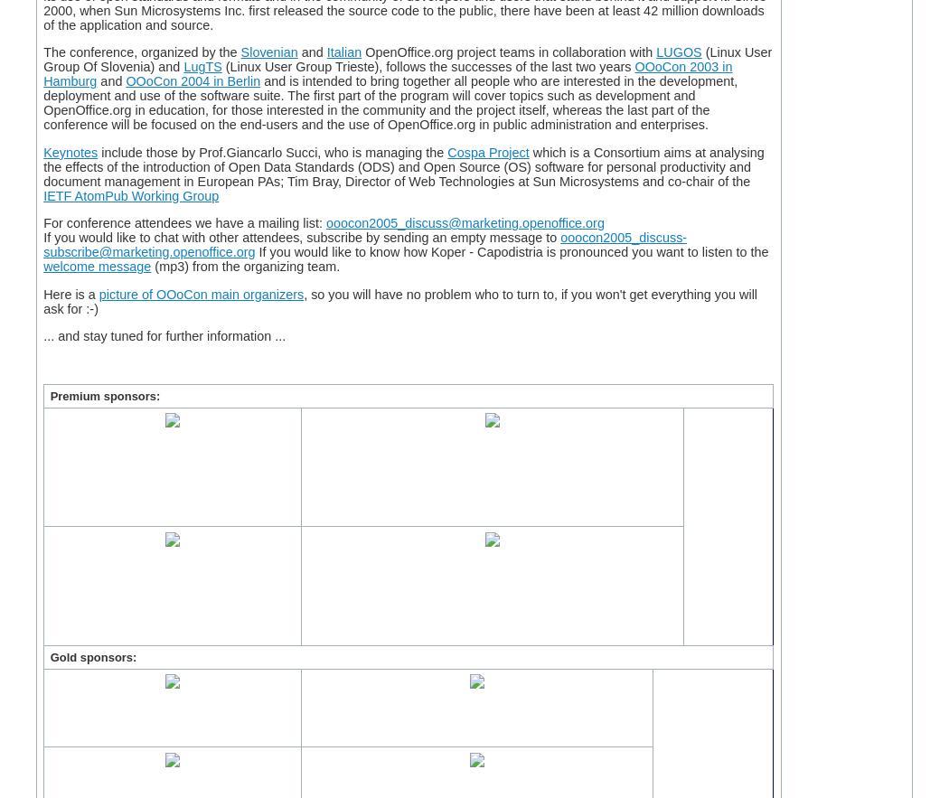  What do you see at coordinates (387, 74) in the screenshot?
I see `'OOoCon 
    2003 in Hamburg'` at bounding box center [387, 74].